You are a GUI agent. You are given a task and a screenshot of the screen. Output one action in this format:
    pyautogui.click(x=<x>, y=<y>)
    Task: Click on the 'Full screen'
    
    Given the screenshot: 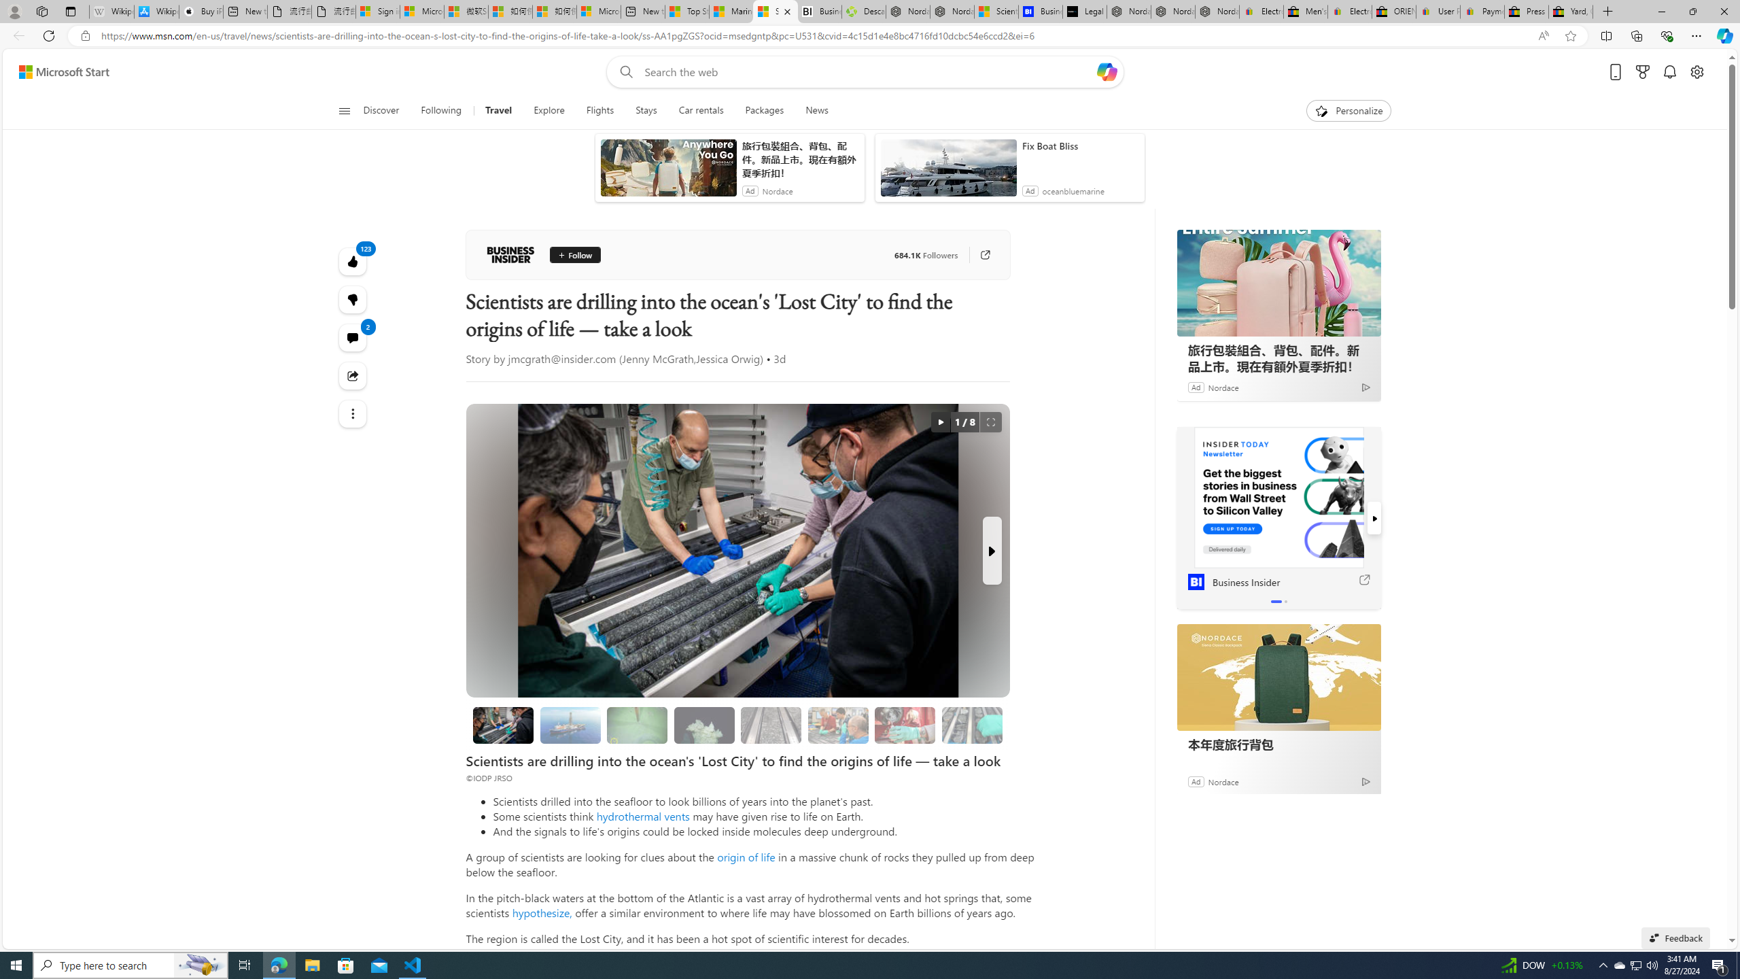 What is the action you would take?
    pyautogui.click(x=990, y=422)
    